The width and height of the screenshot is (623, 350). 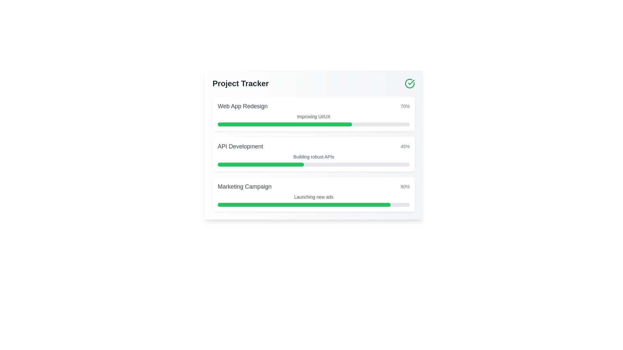 I want to click on the static text label in the second row of the 'Project Tracker' list that describes a specific task, located adjacent to the percentage '45%', so click(x=240, y=146).